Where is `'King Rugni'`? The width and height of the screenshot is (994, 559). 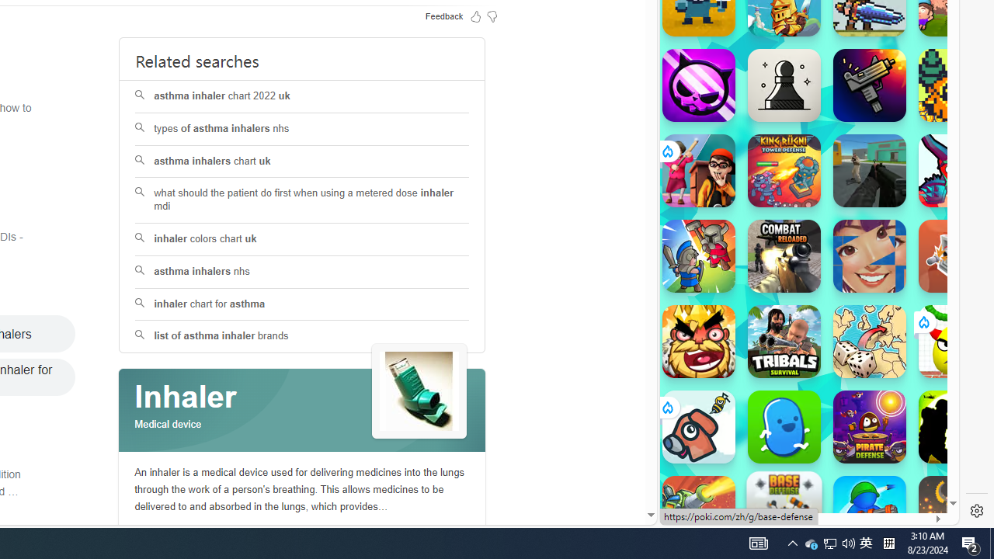
'King Rugni' is located at coordinates (784, 170).